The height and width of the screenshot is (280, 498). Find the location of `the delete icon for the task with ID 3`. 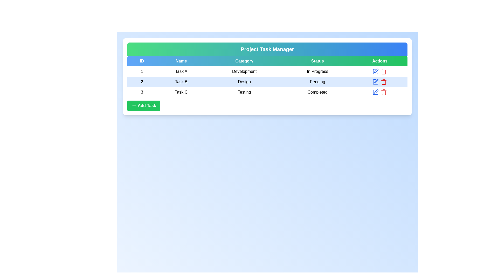

the delete icon for the task with ID 3 is located at coordinates (384, 92).